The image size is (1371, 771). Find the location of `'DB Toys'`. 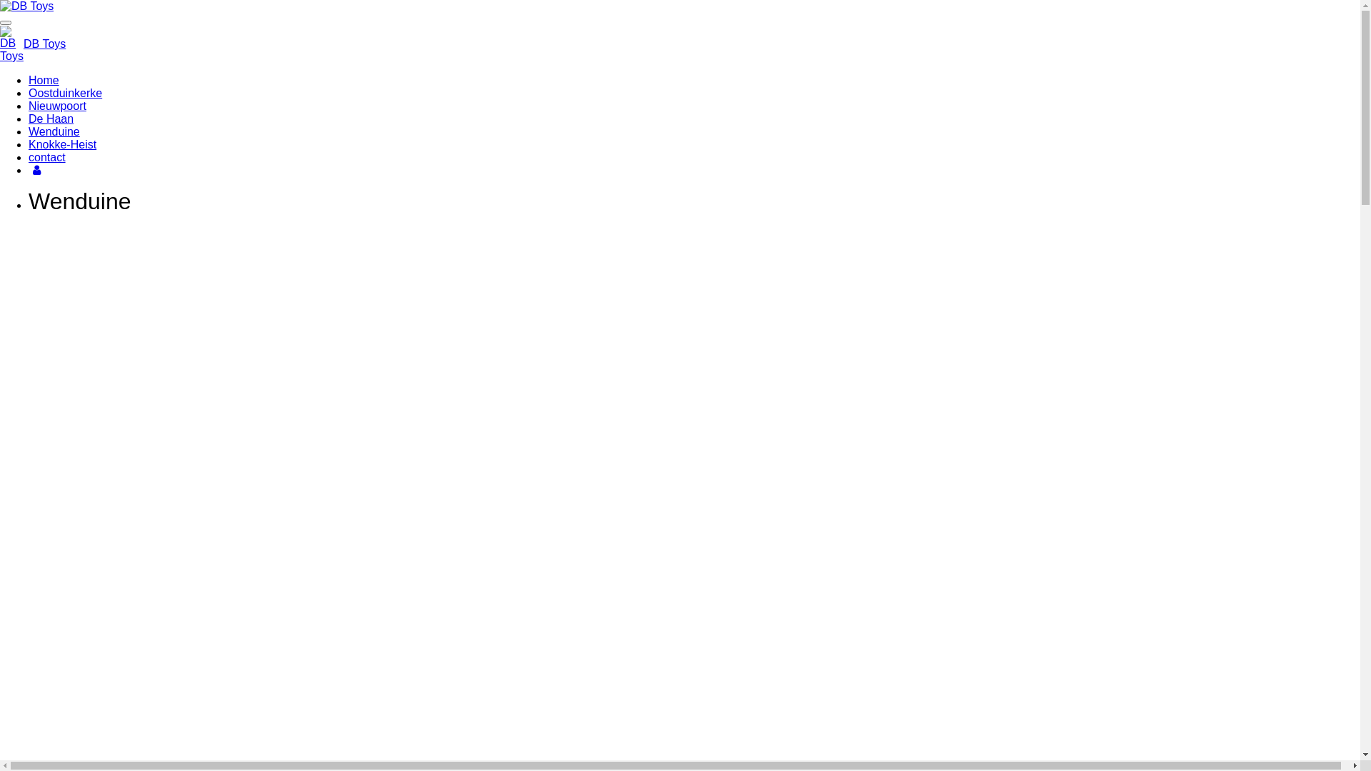

'DB Toys' is located at coordinates (24, 43).